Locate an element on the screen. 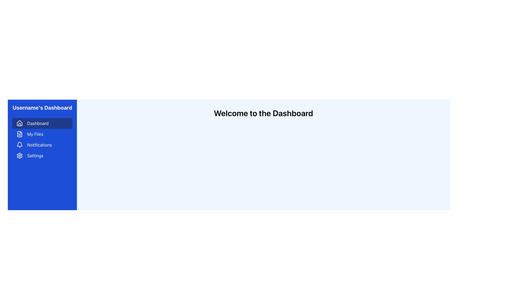 The width and height of the screenshot is (518, 291). the 'My Files' button, which is a rectangular button with a blue background, rounded corners, a white file icon on the left, and bold white text on the right is located at coordinates (42, 134).